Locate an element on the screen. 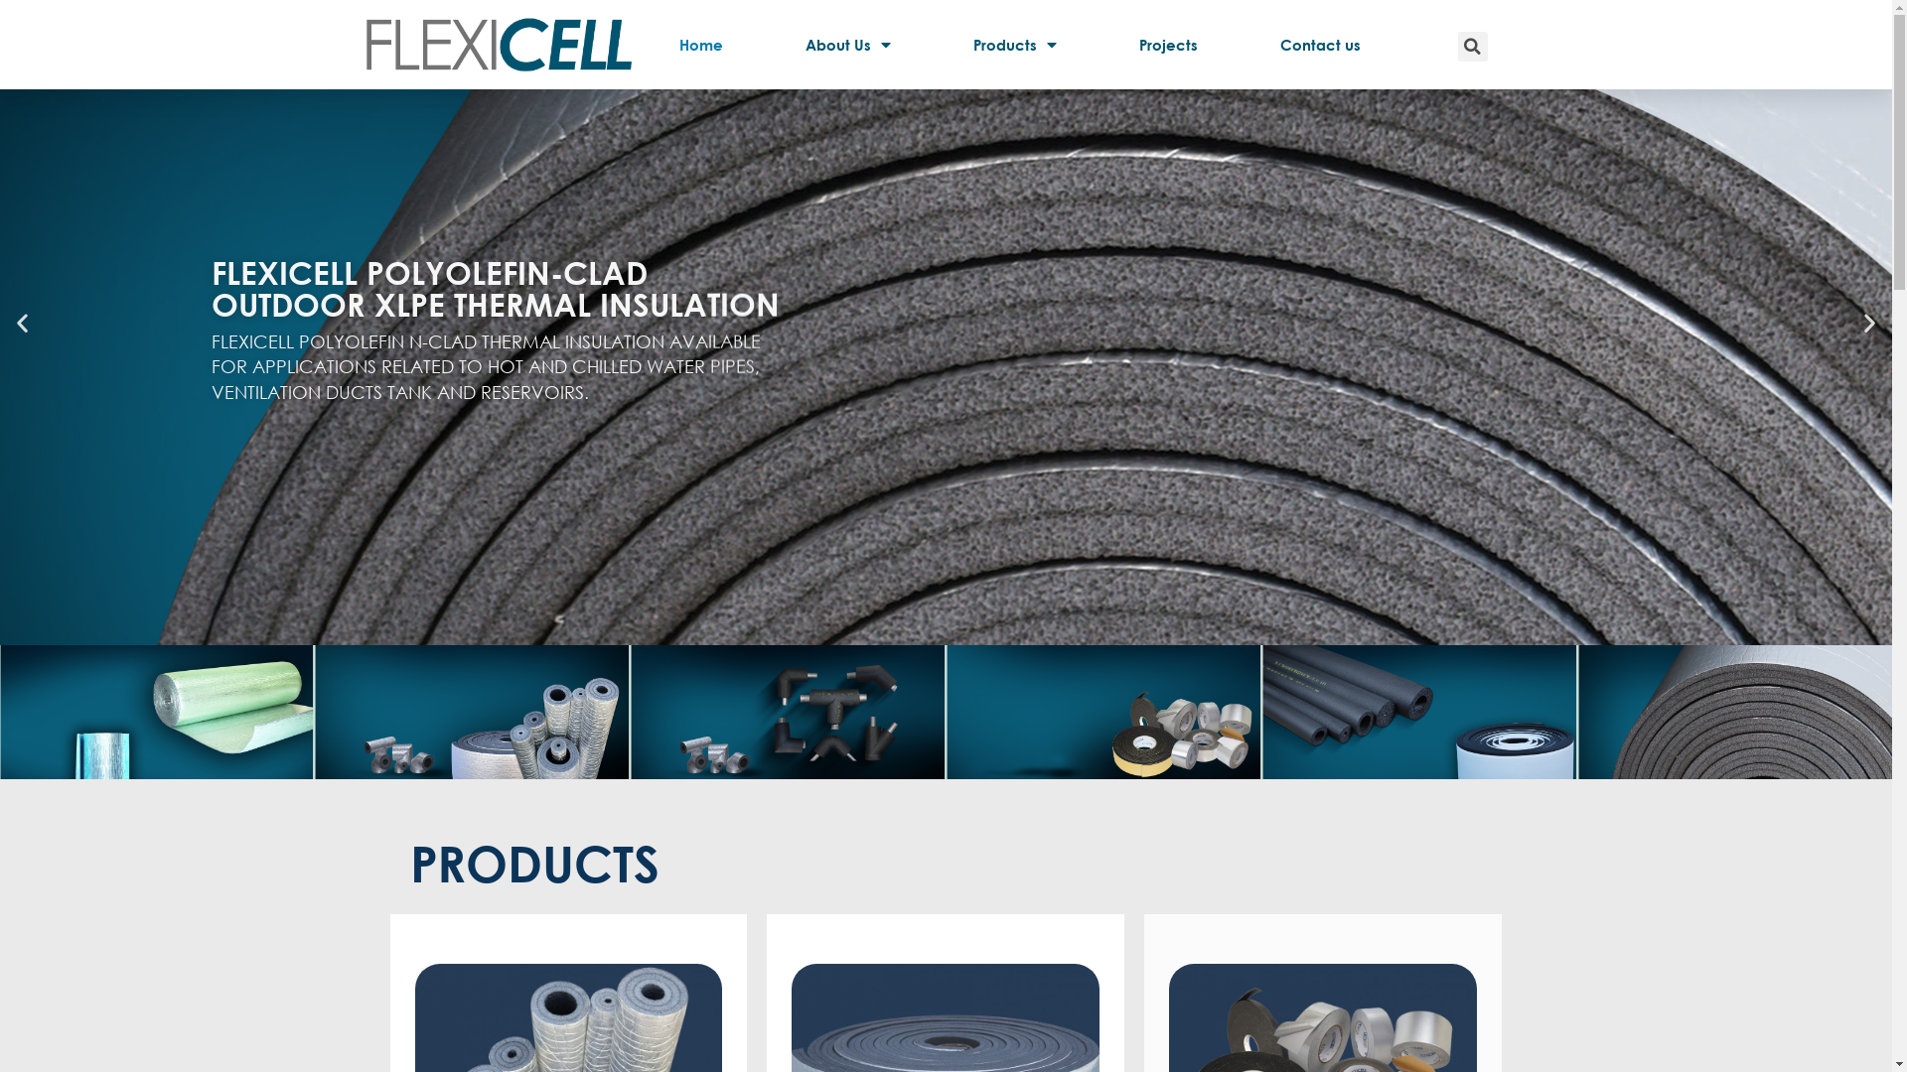  'Products' is located at coordinates (941, 45).